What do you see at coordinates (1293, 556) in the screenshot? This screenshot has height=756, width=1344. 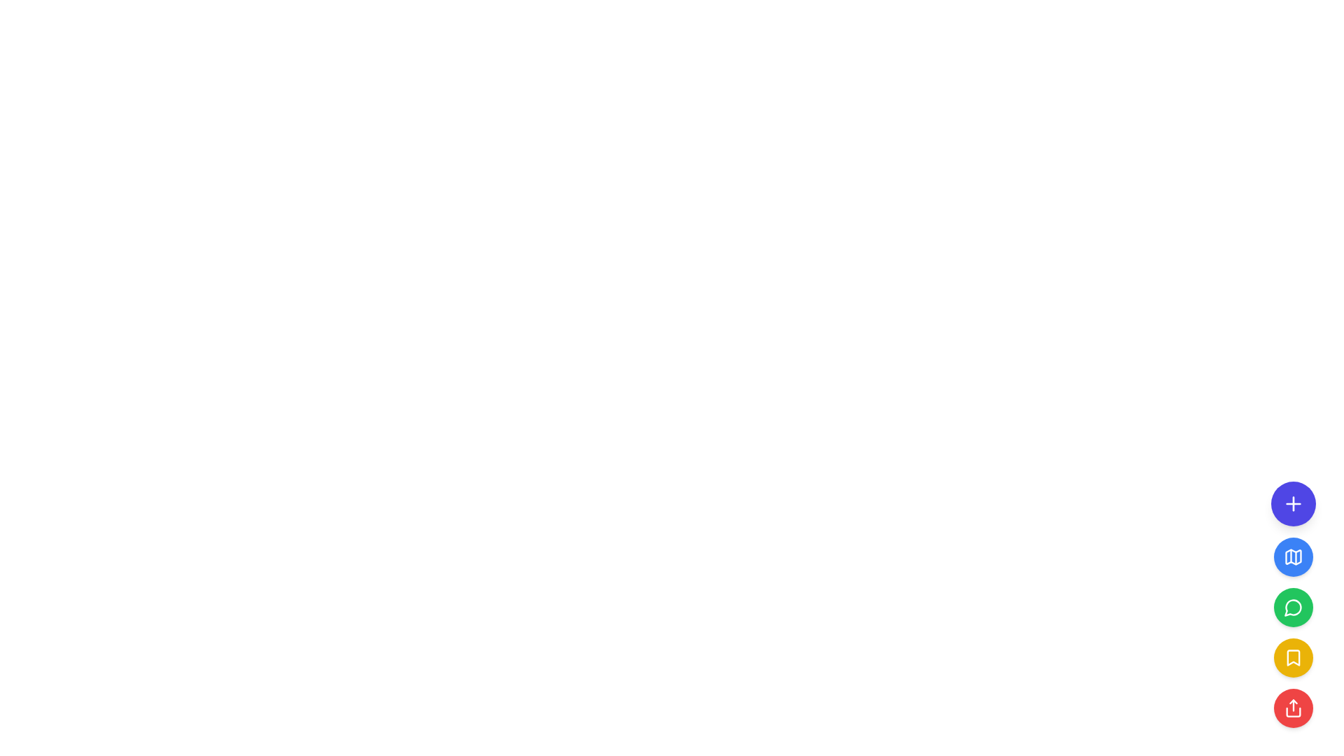 I see `the second icon from the top in the vertical stack of action buttons on the right side of the interface` at bounding box center [1293, 556].